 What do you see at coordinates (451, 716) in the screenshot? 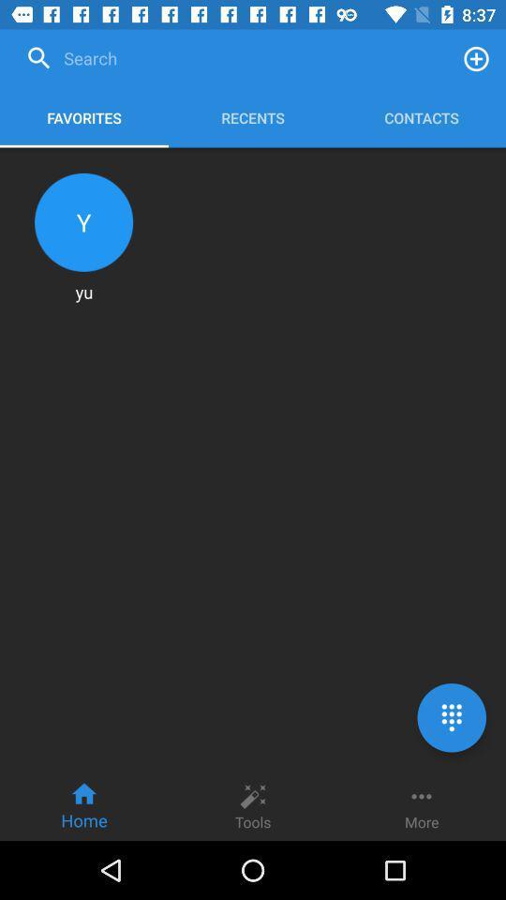
I see `the dialpad icon` at bounding box center [451, 716].